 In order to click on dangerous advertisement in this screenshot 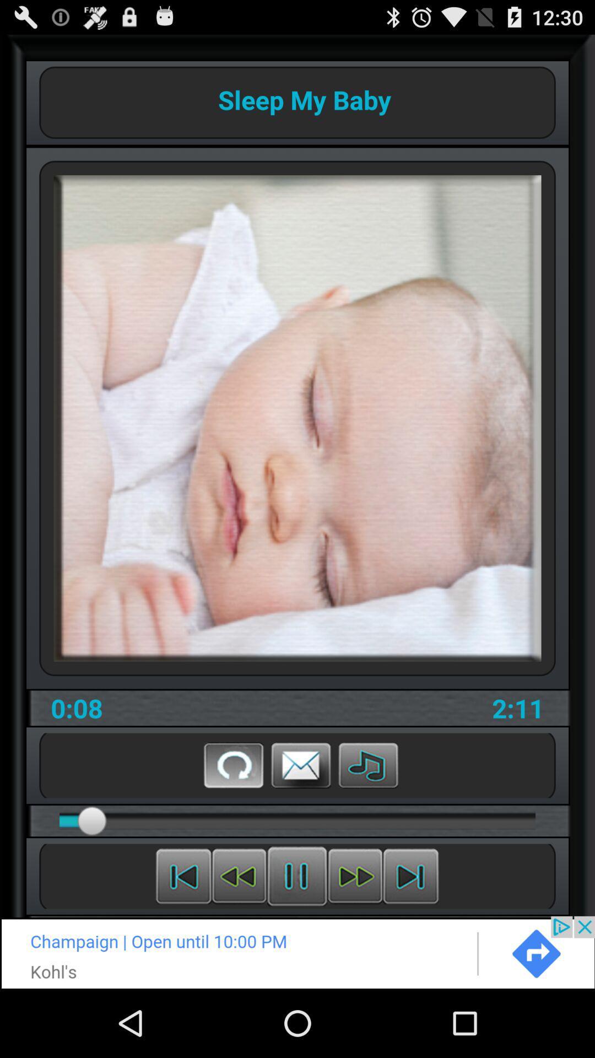, I will do `click(297, 952)`.